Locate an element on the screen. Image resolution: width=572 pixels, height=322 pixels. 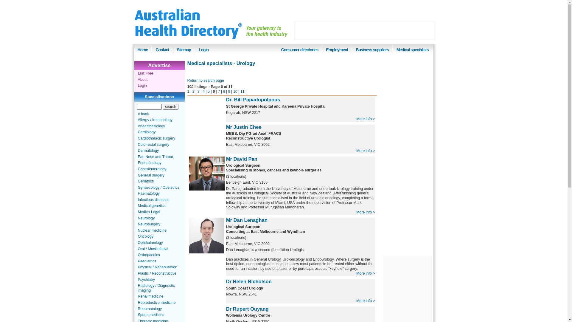
'Advertisement' is located at coordinates (364, 30).